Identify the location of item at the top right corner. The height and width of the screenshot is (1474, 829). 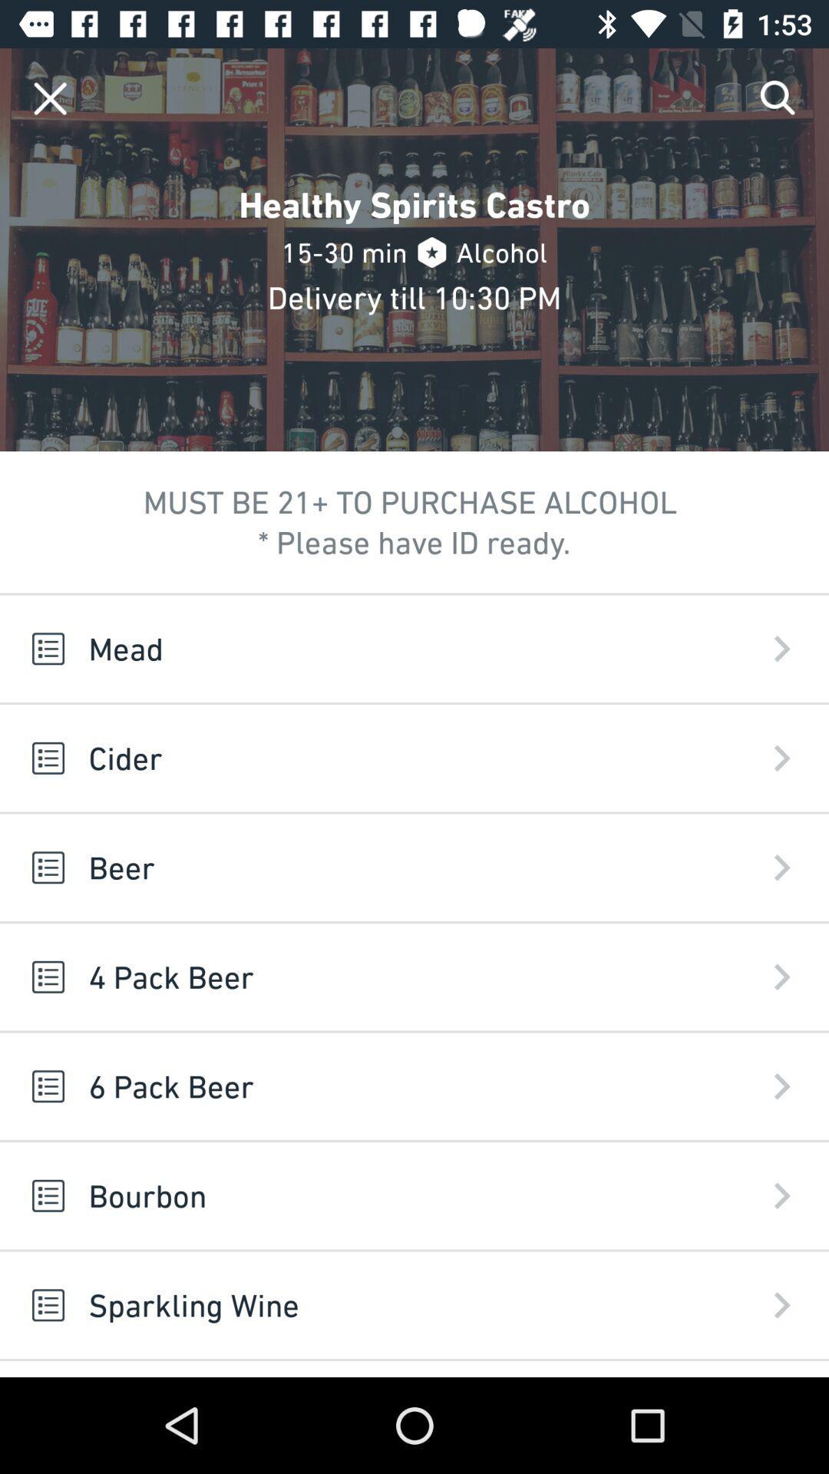
(778, 97).